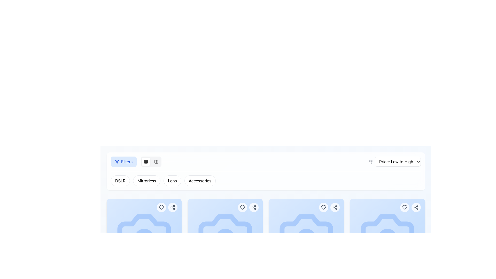 This screenshot has width=496, height=279. Describe the element at coordinates (242, 207) in the screenshot. I see `the heart icon button that serves as a favorite or like button for marking the associated product as favored, located above the product card in a row of products` at that location.